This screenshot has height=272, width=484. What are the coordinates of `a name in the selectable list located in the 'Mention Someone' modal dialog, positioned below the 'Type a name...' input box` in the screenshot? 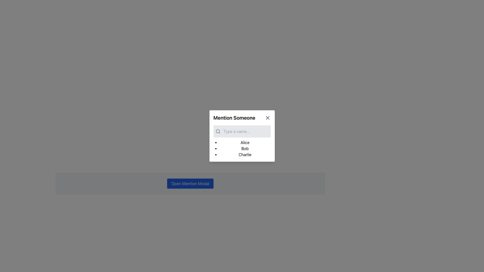 It's located at (245, 148).